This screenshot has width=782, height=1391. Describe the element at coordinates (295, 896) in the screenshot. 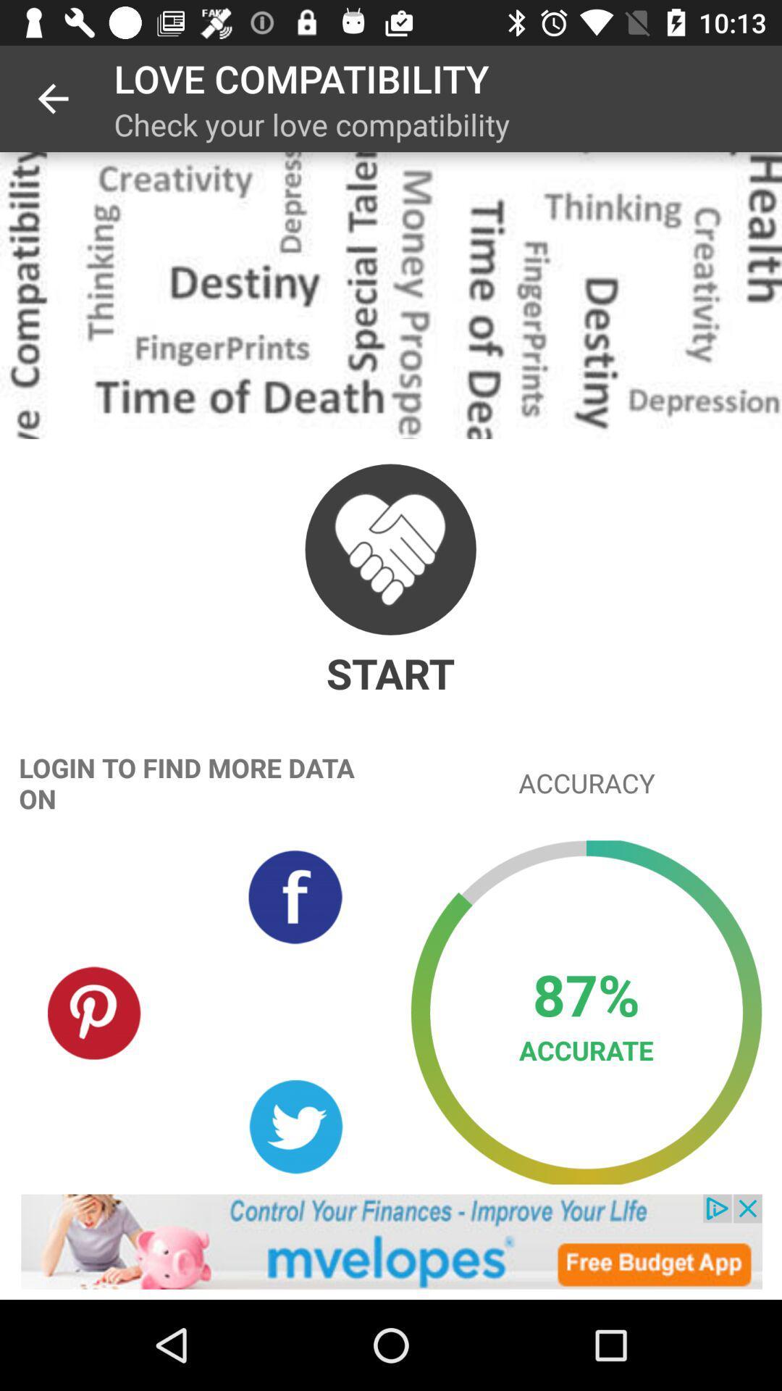

I see `facebook` at that location.